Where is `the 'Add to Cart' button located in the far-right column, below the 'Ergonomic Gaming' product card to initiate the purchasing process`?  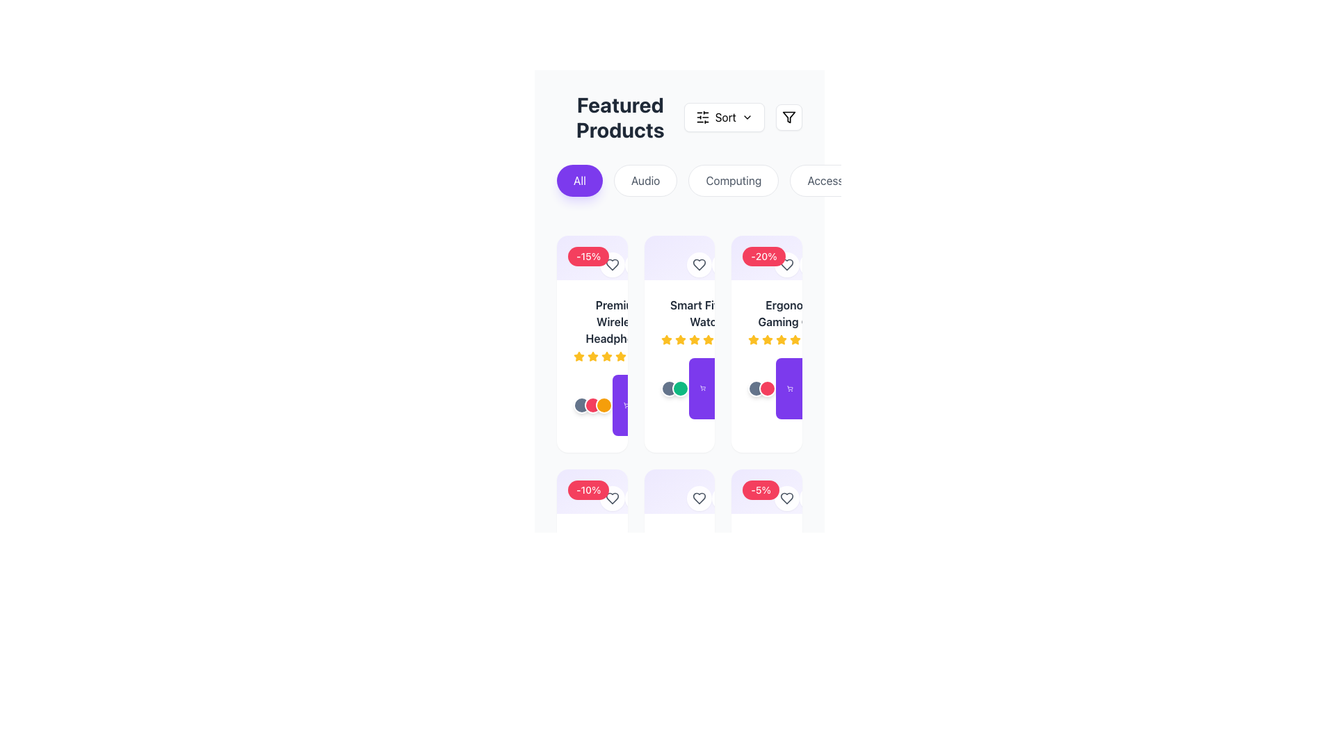
the 'Add to Cart' button located in the far-right column, below the 'Ergonomic Gaming' product card to initiate the purchasing process is located at coordinates (813, 389).